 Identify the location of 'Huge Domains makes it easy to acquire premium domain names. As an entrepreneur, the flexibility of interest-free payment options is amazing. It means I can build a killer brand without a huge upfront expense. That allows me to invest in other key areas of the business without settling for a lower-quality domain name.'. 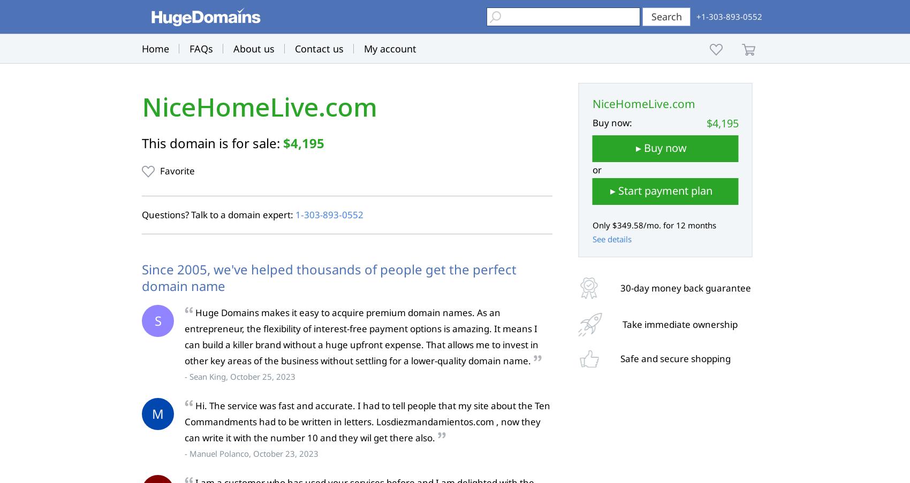
(361, 336).